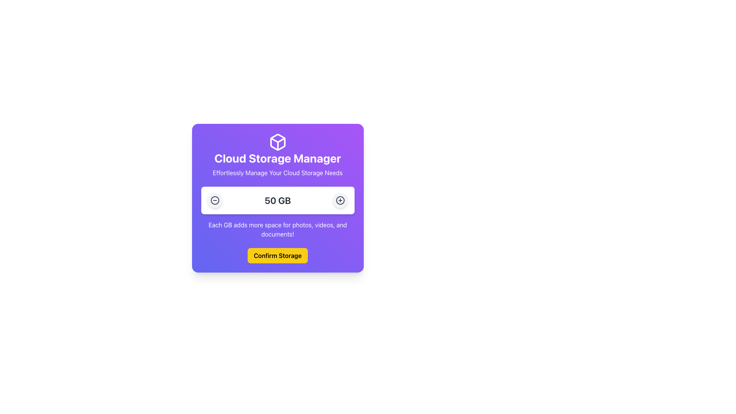  What do you see at coordinates (340, 200) in the screenshot?
I see `the circular icon that represents a plus symbol` at bounding box center [340, 200].